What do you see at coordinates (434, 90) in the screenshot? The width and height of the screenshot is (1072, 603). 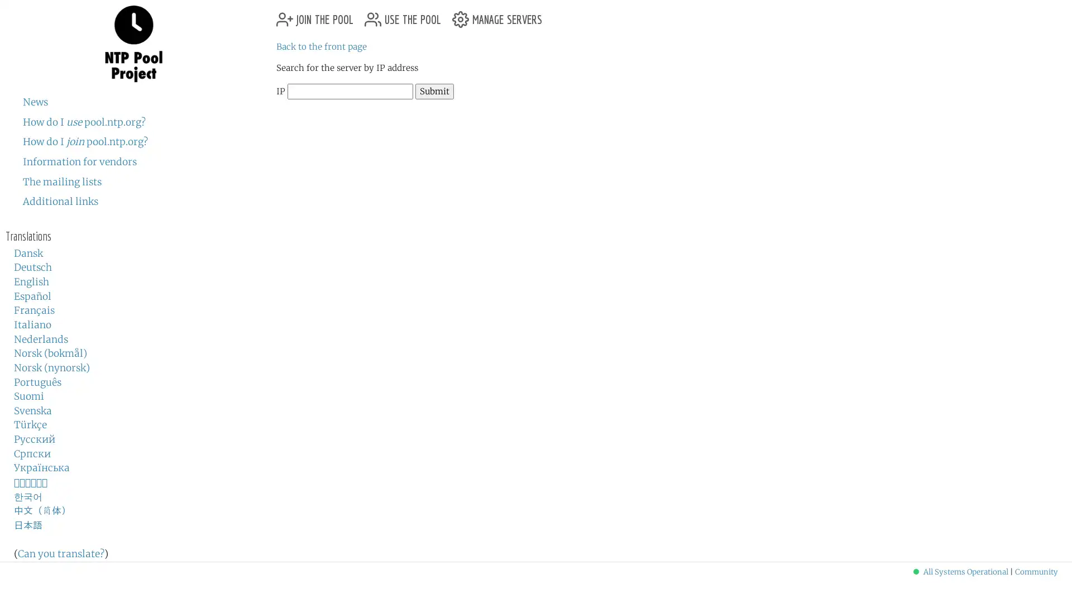 I see `Submit` at bounding box center [434, 90].